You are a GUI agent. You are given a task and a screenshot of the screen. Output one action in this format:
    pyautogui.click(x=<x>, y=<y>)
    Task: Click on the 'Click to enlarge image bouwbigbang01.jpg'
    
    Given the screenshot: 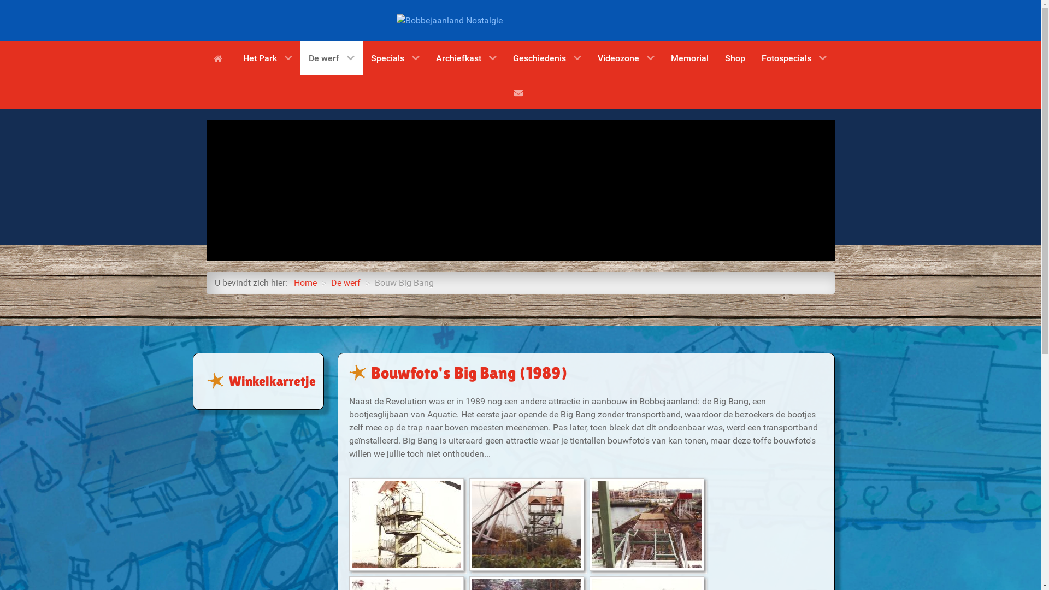 What is the action you would take?
    pyautogui.click(x=406, y=524)
    